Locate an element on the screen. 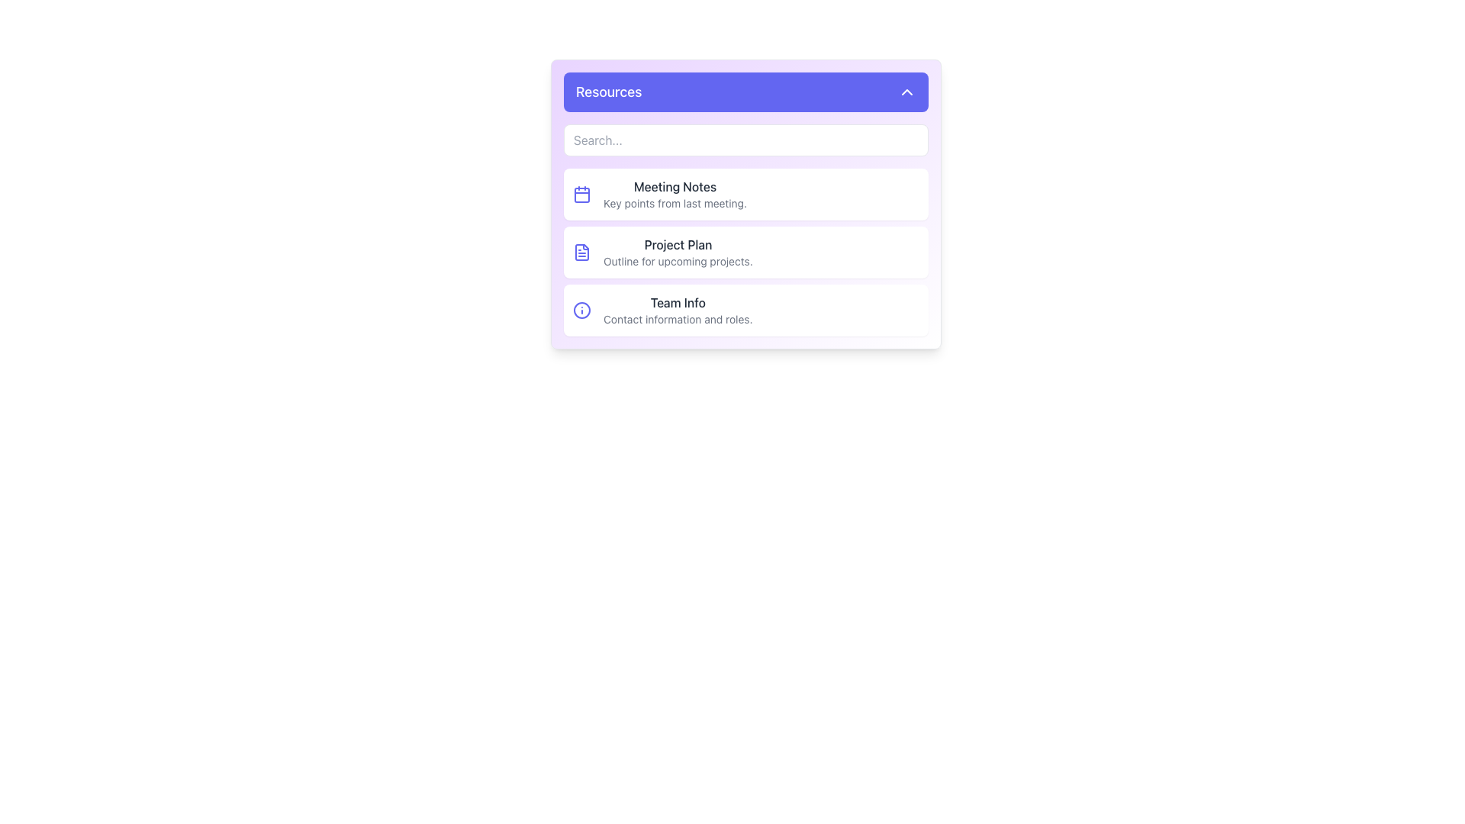  the chevron icon located at the top-right corner of the purple header bar of the 'Resources' panel is located at coordinates (907, 92).